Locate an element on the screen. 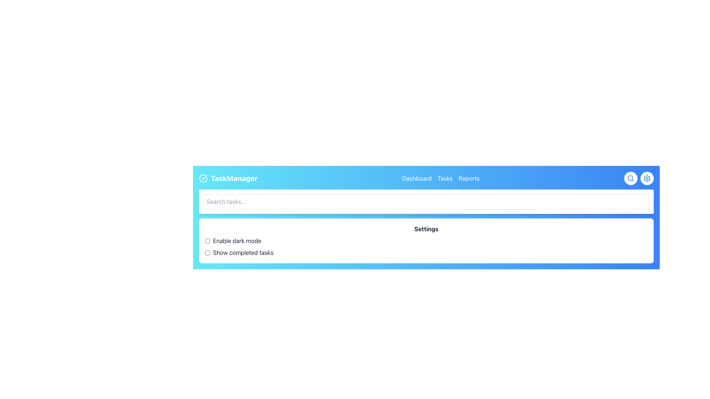 The image size is (710, 399). the circular search button with a white background and blue border, featuring a magnifying glass icon, located on the far right of the blue navigation bar is located at coordinates (630, 178).